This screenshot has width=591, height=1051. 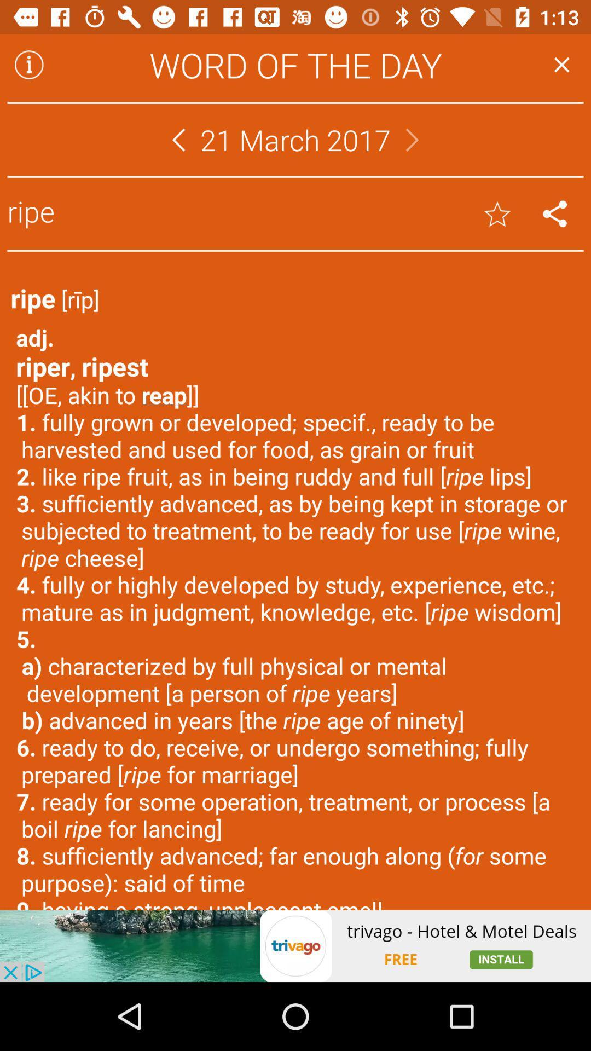 What do you see at coordinates (28, 64) in the screenshot?
I see `icon` at bounding box center [28, 64].